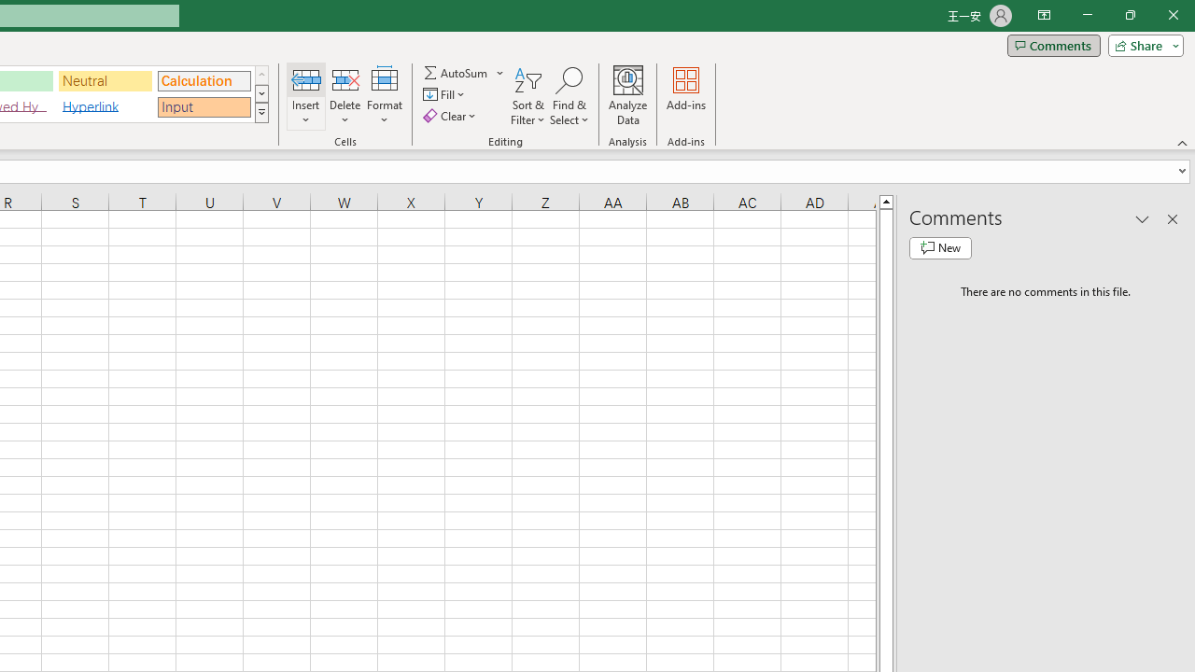 This screenshot has height=672, width=1195. Describe the element at coordinates (1129, 15) in the screenshot. I see `'Restore Down'` at that location.